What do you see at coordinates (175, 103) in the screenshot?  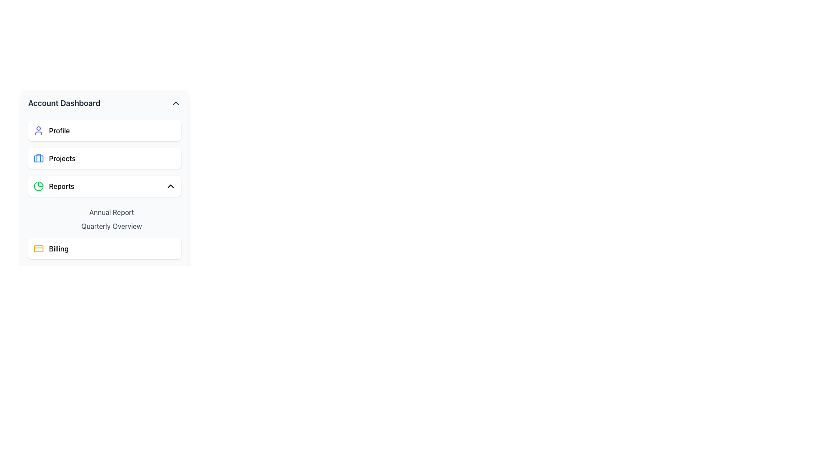 I see `the Dropdown toggle icon located at the right end of the 'Account Dashboard' header bar` at bounding box center [175, 103].